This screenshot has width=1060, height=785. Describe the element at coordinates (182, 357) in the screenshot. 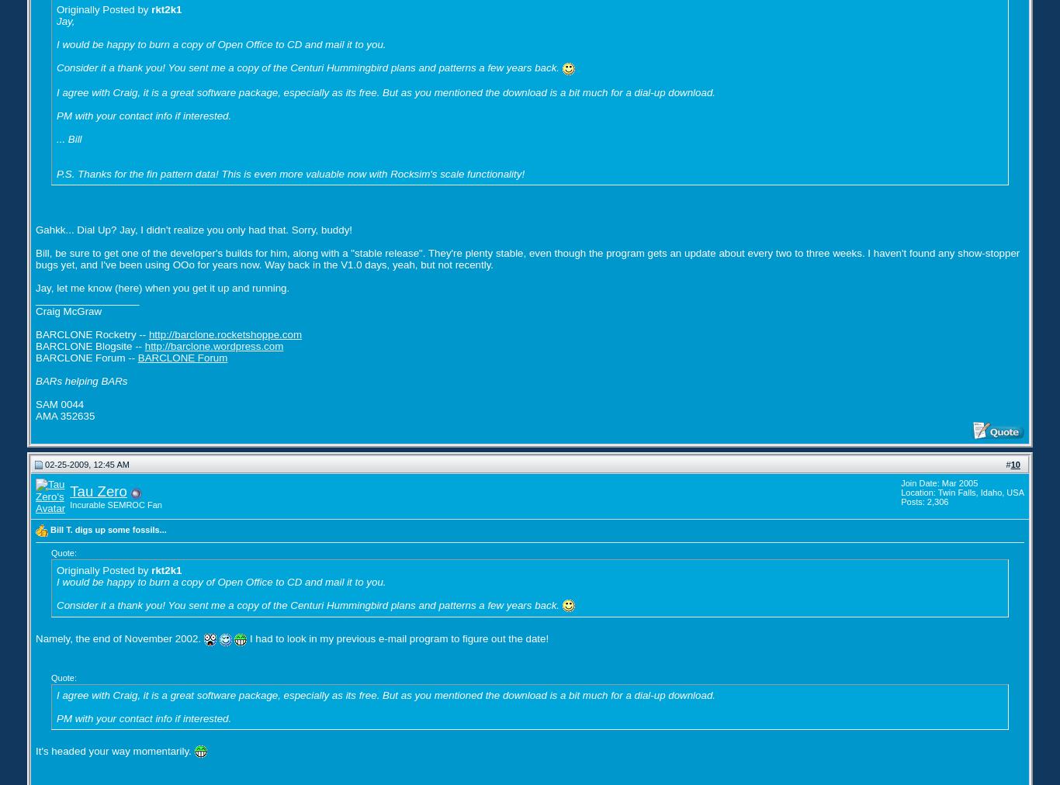

I see `'BARCLONE Forum'` at that location.